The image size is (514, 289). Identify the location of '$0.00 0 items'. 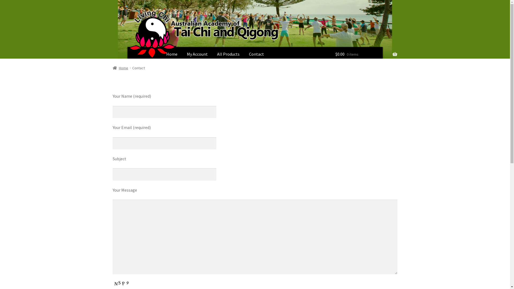
(366, 55).